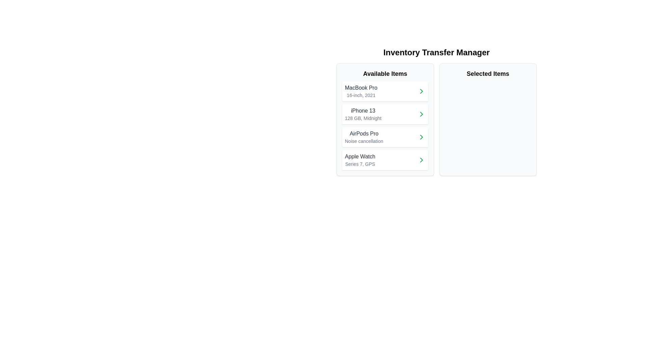 The height and width of the screenshot is (364, 648). What do you see at coordinates (385, 137) in the screenshot?
I see `the 'AirPods Pro' item in the 'Available Items' list for keyboard navigation` at bounding box center [385, 137].